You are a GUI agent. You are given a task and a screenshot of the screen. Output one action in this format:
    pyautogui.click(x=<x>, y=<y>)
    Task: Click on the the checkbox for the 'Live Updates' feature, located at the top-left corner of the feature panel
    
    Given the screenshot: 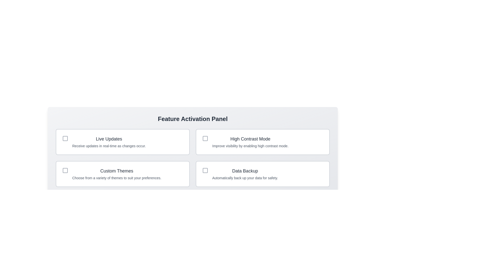 What is the action you would take?
    pyautogui.click(x=65, y=138)
    